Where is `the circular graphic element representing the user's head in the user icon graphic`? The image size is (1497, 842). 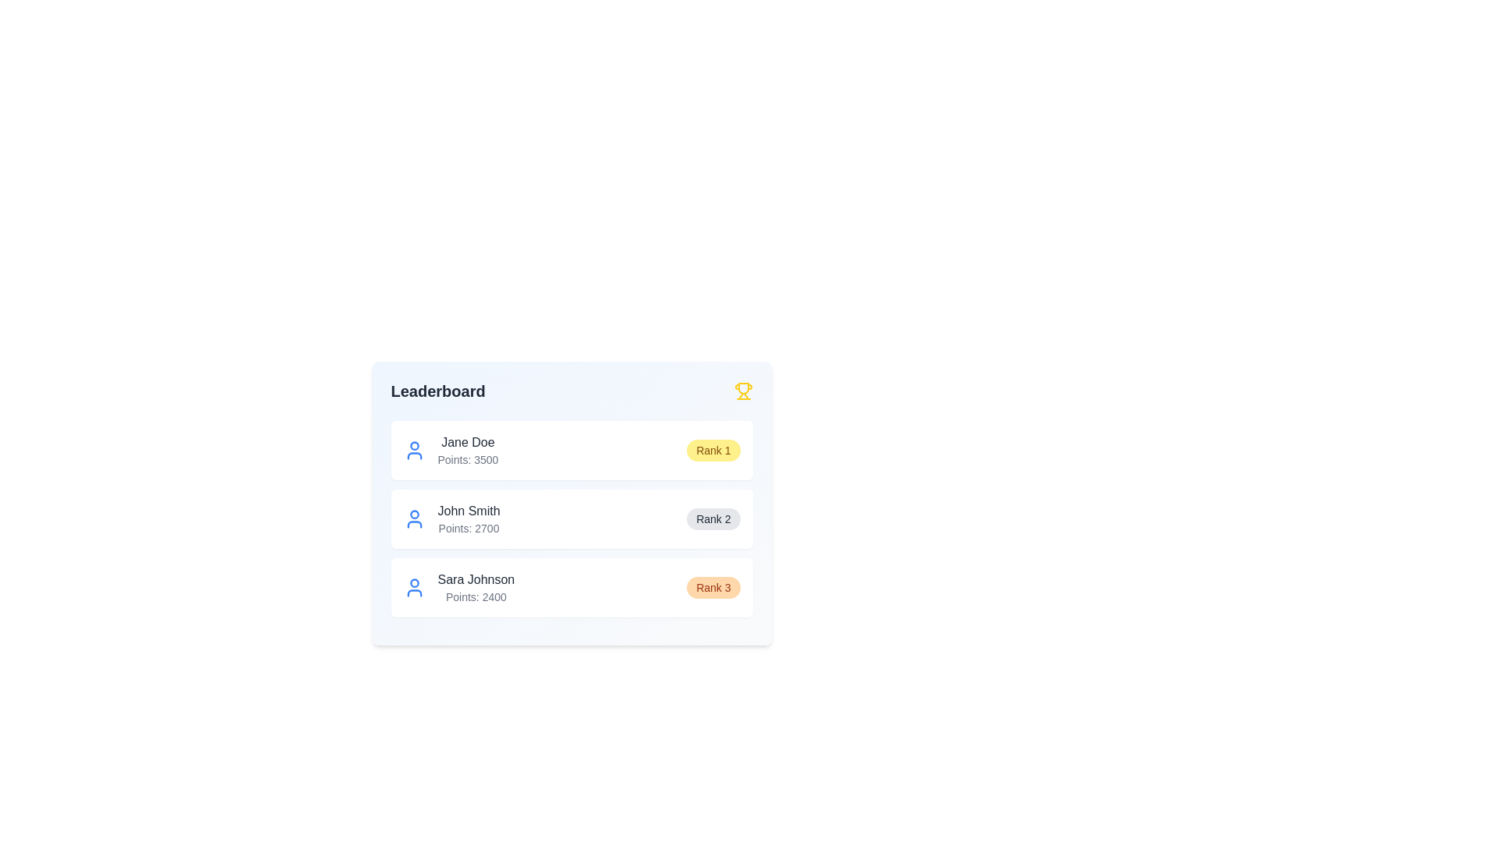
the circular graphic element representing the user's head in the user icon graphic is located at coordinates (414, 583).